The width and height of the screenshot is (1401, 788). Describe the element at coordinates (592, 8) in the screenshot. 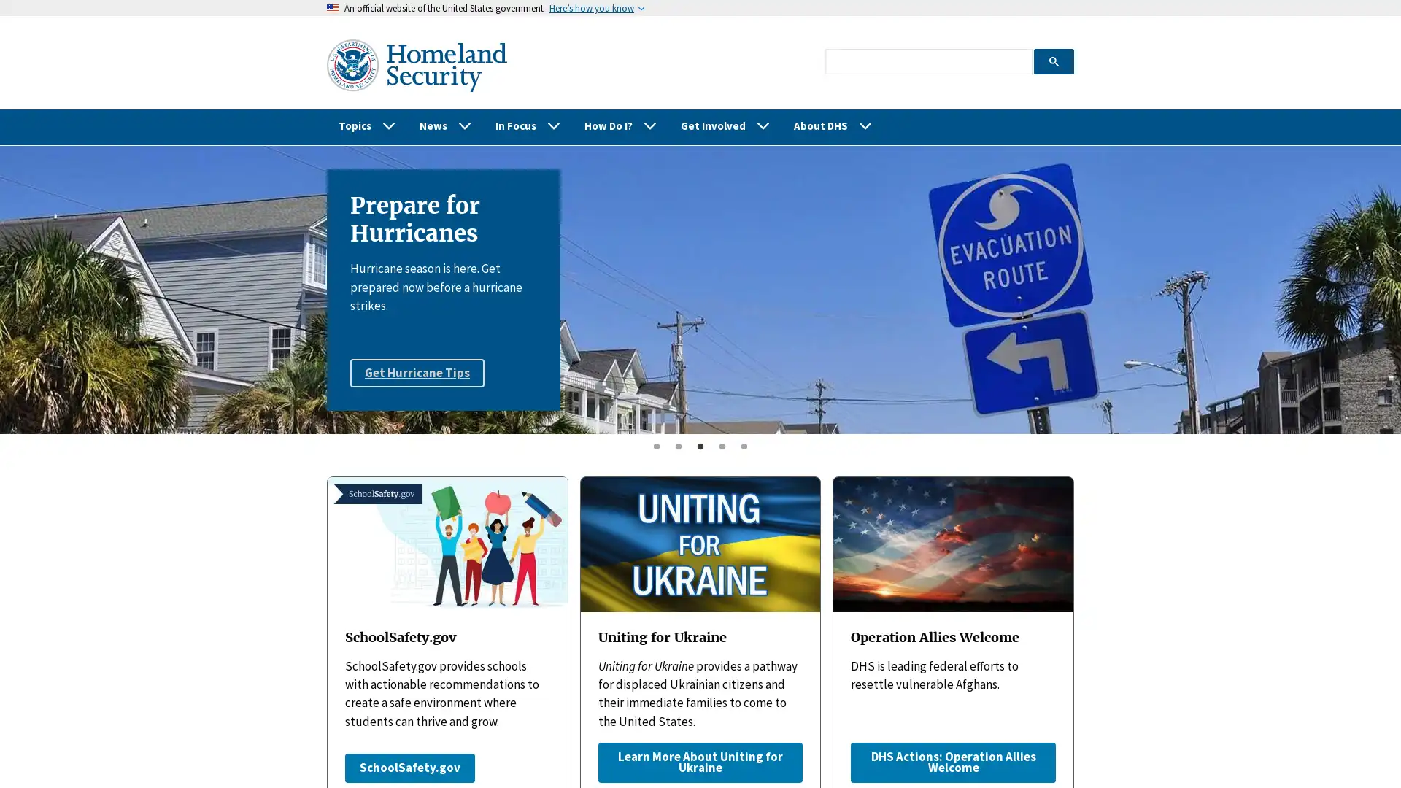

I see `Heres how you know` at that location.